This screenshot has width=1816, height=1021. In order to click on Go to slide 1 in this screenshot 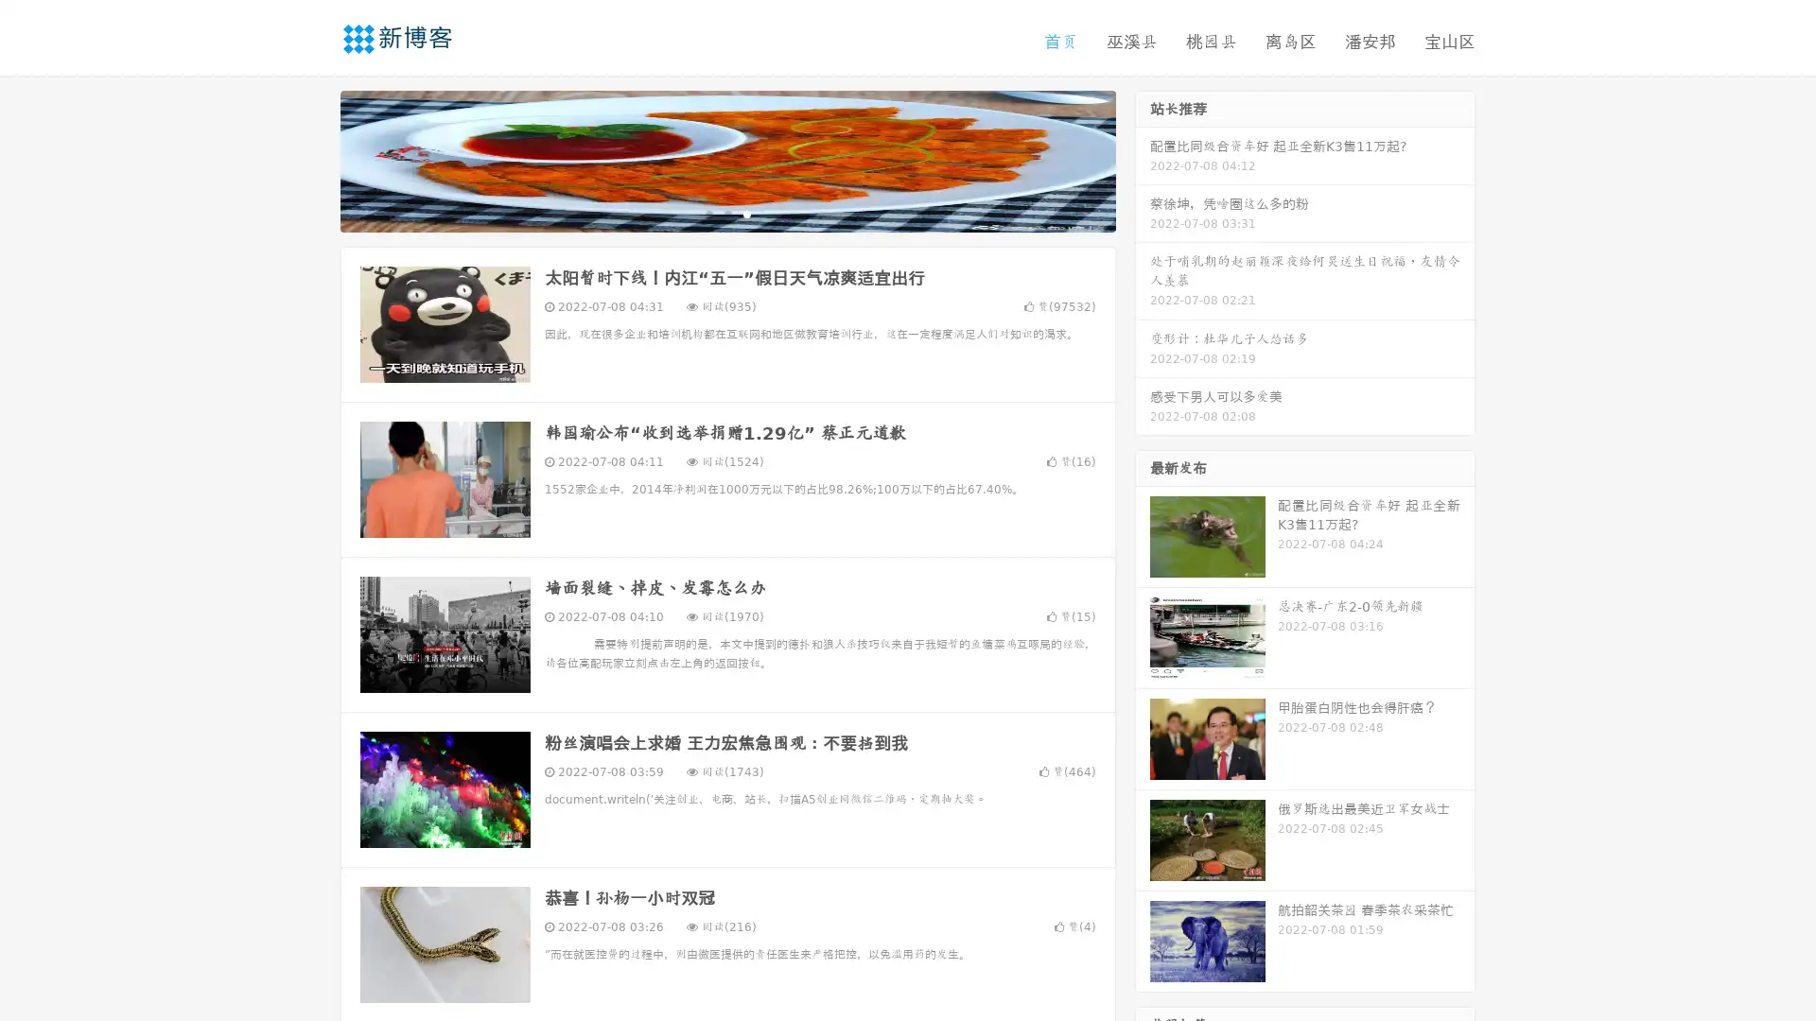, I will do `click(707, 213)`.